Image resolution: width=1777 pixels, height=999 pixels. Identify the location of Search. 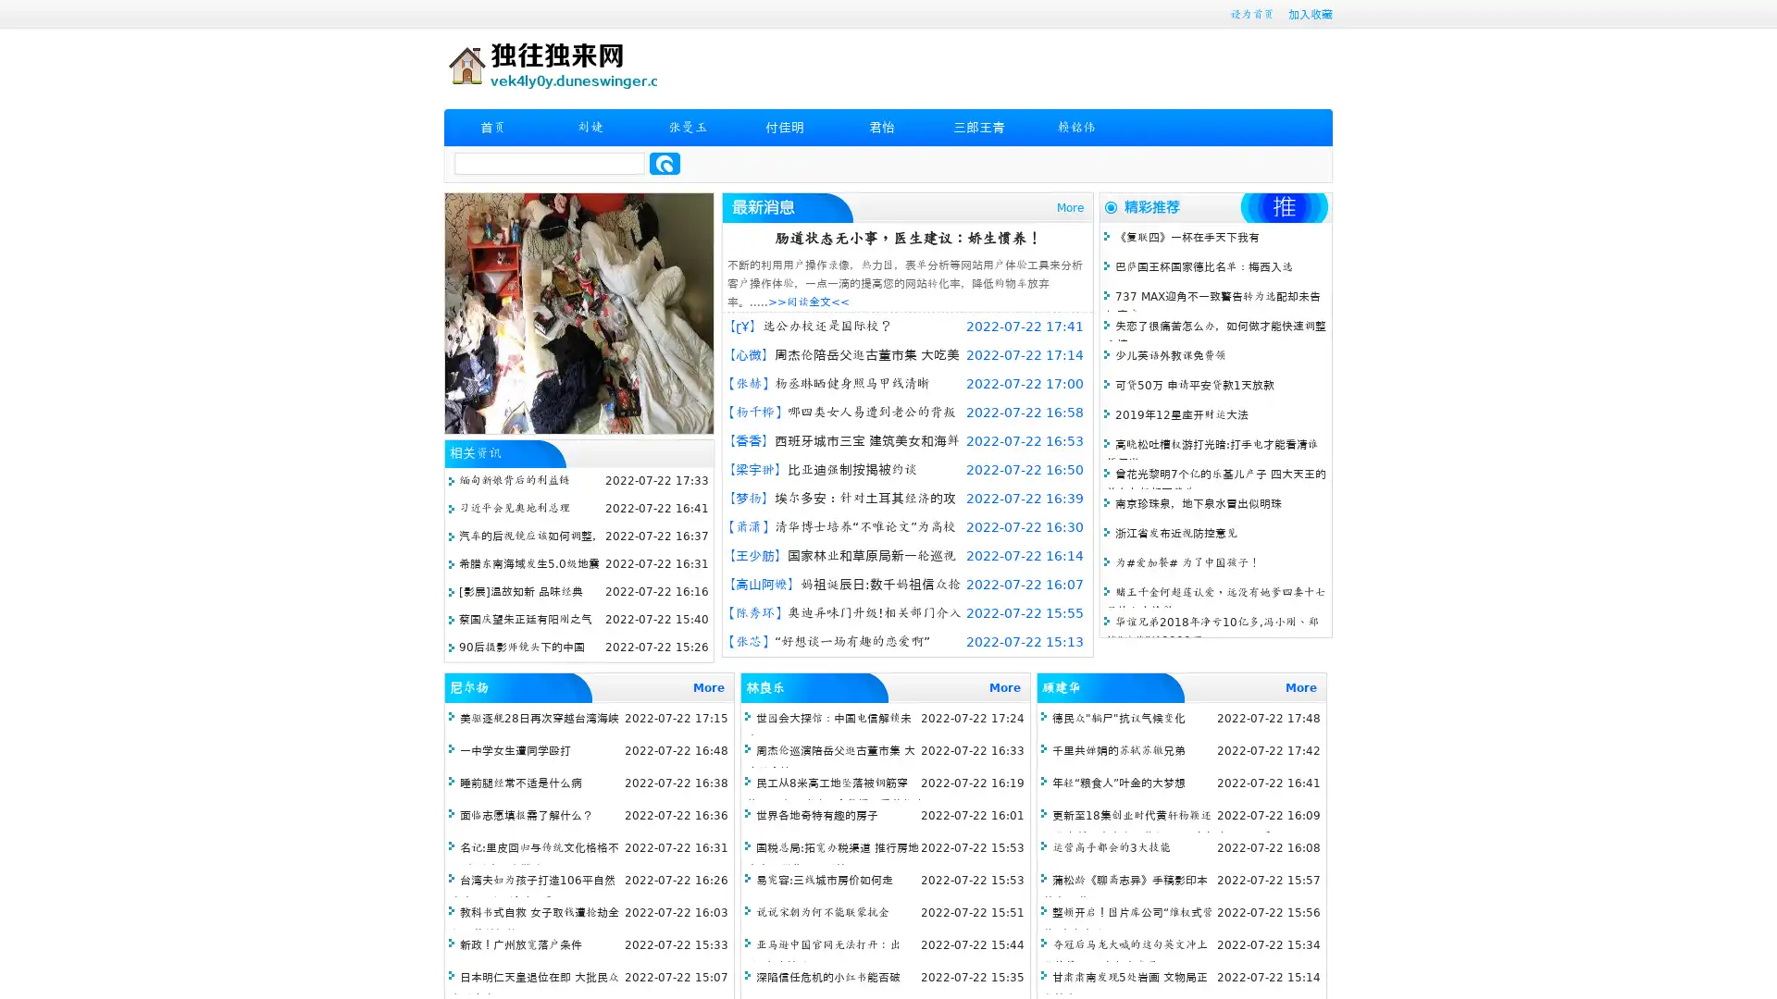
(665, 163).